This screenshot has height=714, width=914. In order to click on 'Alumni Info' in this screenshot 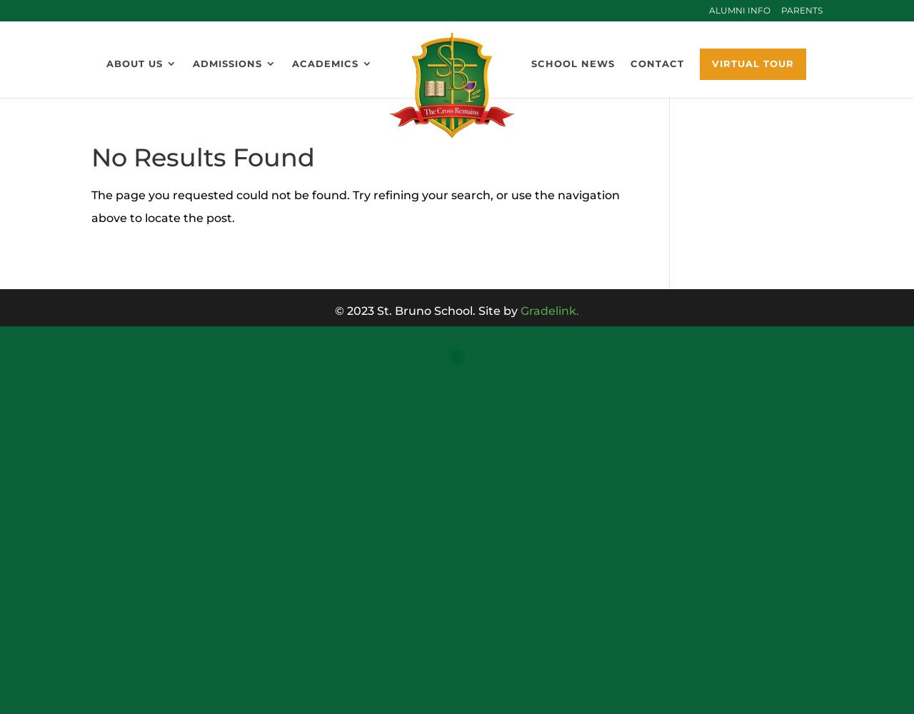, I will do `click(740, 10)`.